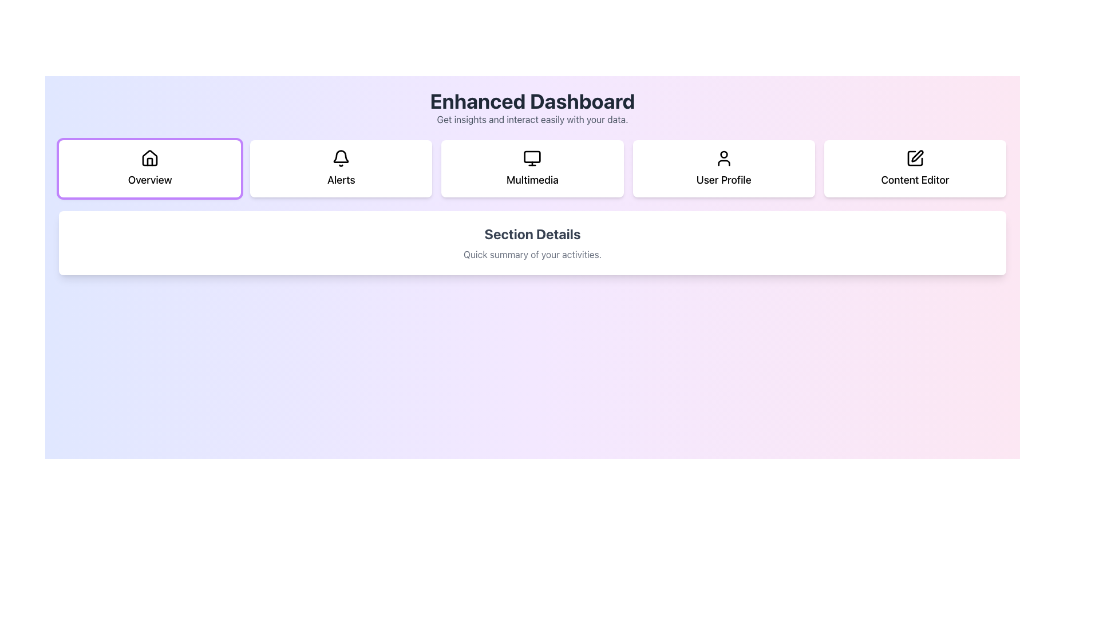 The image size is (1099, 618). Describe the element at coordinates (532, 233) in the screenshot. I see `text from the bold, large-sized Text Label displaying 'Section Details' located above the descriptive text 'Quick summary of your activities'` at that location.